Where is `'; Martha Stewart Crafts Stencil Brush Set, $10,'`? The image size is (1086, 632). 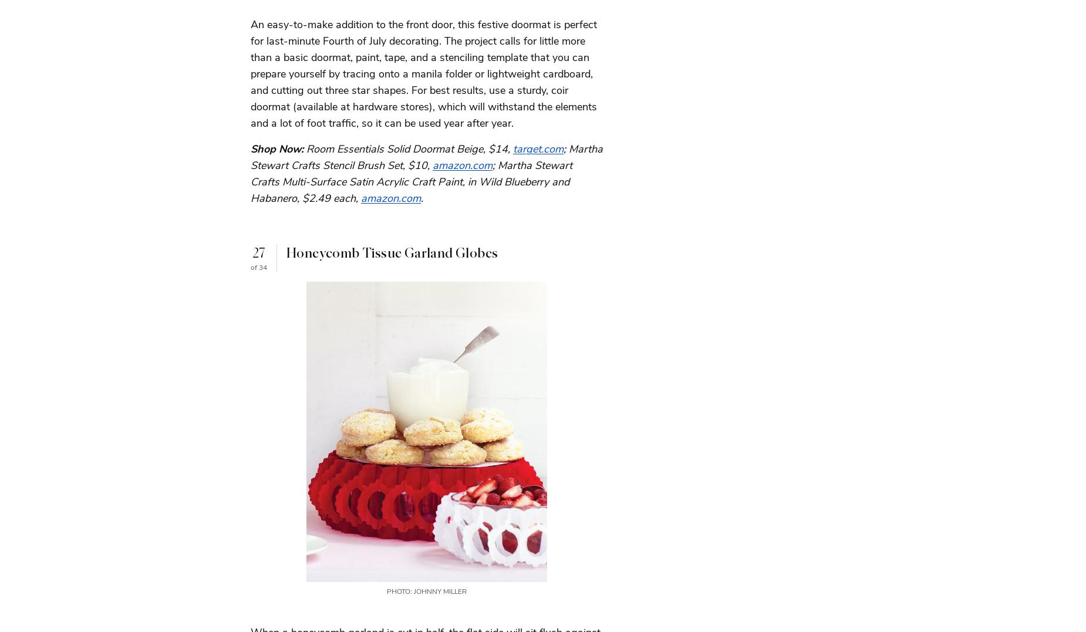 '; Martha Stewart Crafts Stencil Brush Set, $10,' is located at coordinates (427, 156).